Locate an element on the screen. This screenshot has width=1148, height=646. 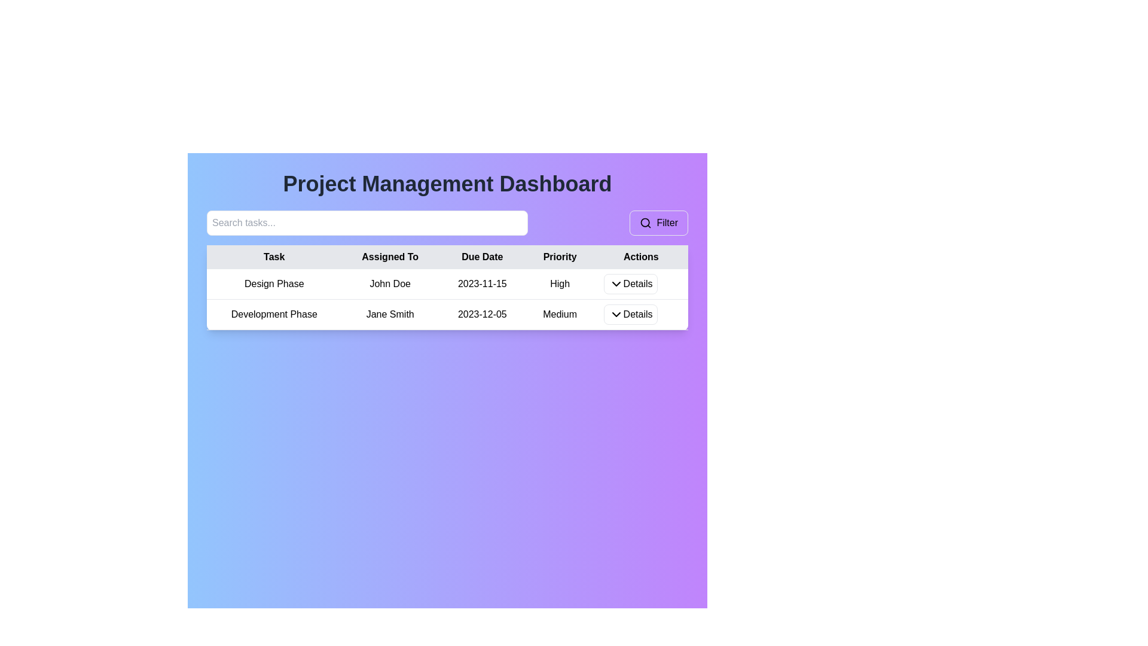
the rectangular button labeled 'Details' with a white background and a downwards-pointing arrow icon is located at coordinates (630, 313).